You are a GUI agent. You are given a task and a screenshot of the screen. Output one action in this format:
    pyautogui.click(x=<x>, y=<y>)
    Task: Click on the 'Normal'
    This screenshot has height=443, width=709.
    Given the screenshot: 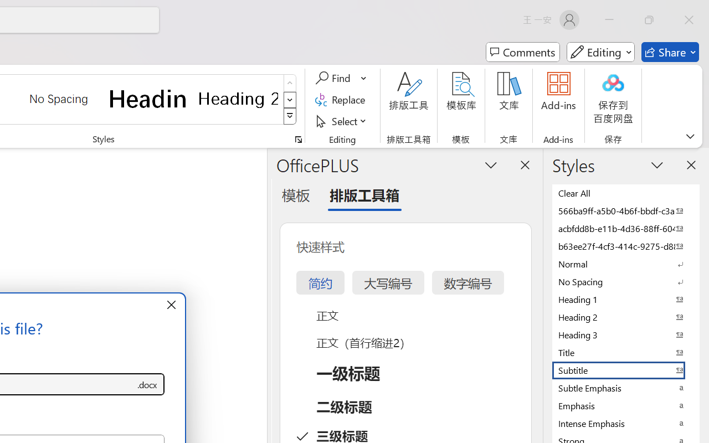 What is the action you would take?
    pyautogui.click(x=626, y=264)
    